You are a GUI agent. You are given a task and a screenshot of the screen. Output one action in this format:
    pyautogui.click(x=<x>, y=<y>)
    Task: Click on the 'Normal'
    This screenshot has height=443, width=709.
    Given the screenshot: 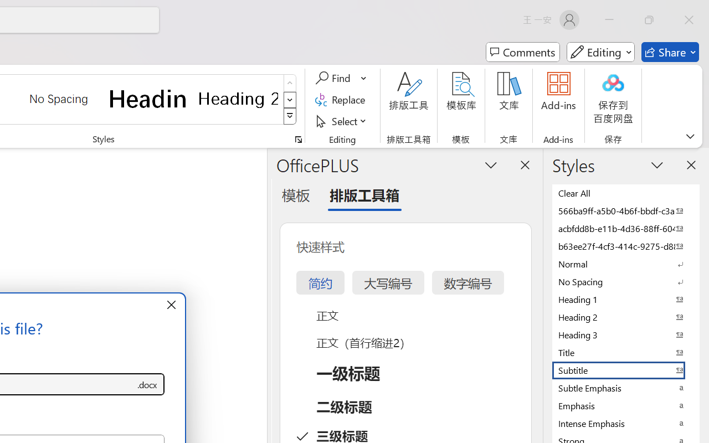 What is the action you would take?
    pyautogui.click(x=626, y=264)
    